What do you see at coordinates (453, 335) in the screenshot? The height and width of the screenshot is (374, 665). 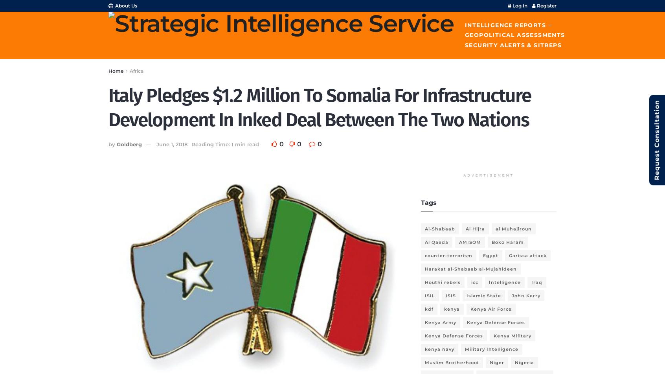 I see `'Kenya Defense Forces'` at bounding box center [453, 335].